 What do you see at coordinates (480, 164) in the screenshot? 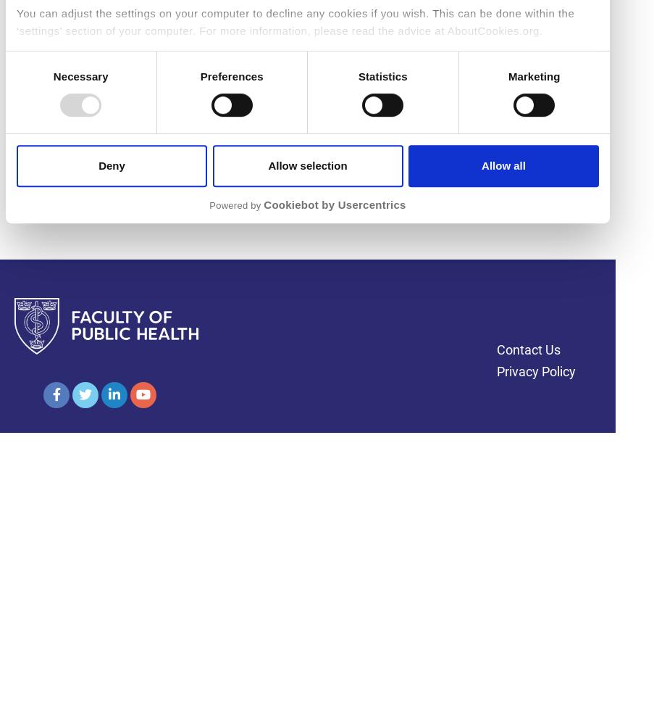
I see `'Allow all'` at bounding box center [480, 164].